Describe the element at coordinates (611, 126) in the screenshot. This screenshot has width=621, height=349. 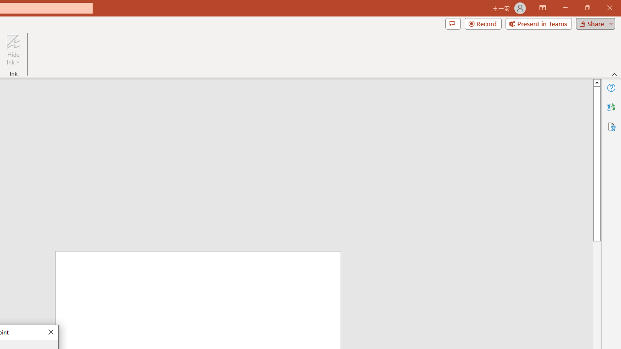
I see `'Accessibility'` at that location.